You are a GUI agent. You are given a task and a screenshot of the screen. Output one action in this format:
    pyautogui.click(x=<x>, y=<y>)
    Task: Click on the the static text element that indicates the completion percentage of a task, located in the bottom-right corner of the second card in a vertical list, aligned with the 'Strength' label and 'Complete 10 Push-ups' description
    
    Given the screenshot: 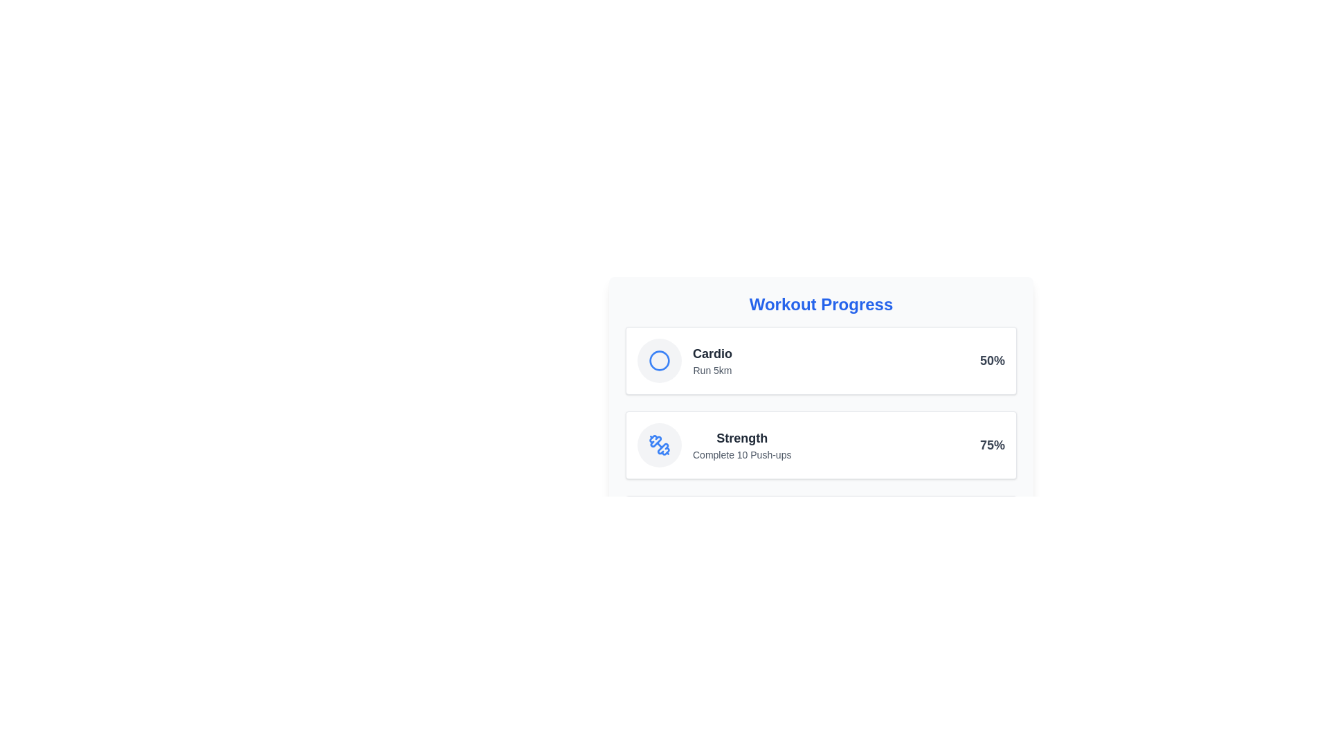 What is the action you would take?
    pyautogui.click(x=992, y=445)
    